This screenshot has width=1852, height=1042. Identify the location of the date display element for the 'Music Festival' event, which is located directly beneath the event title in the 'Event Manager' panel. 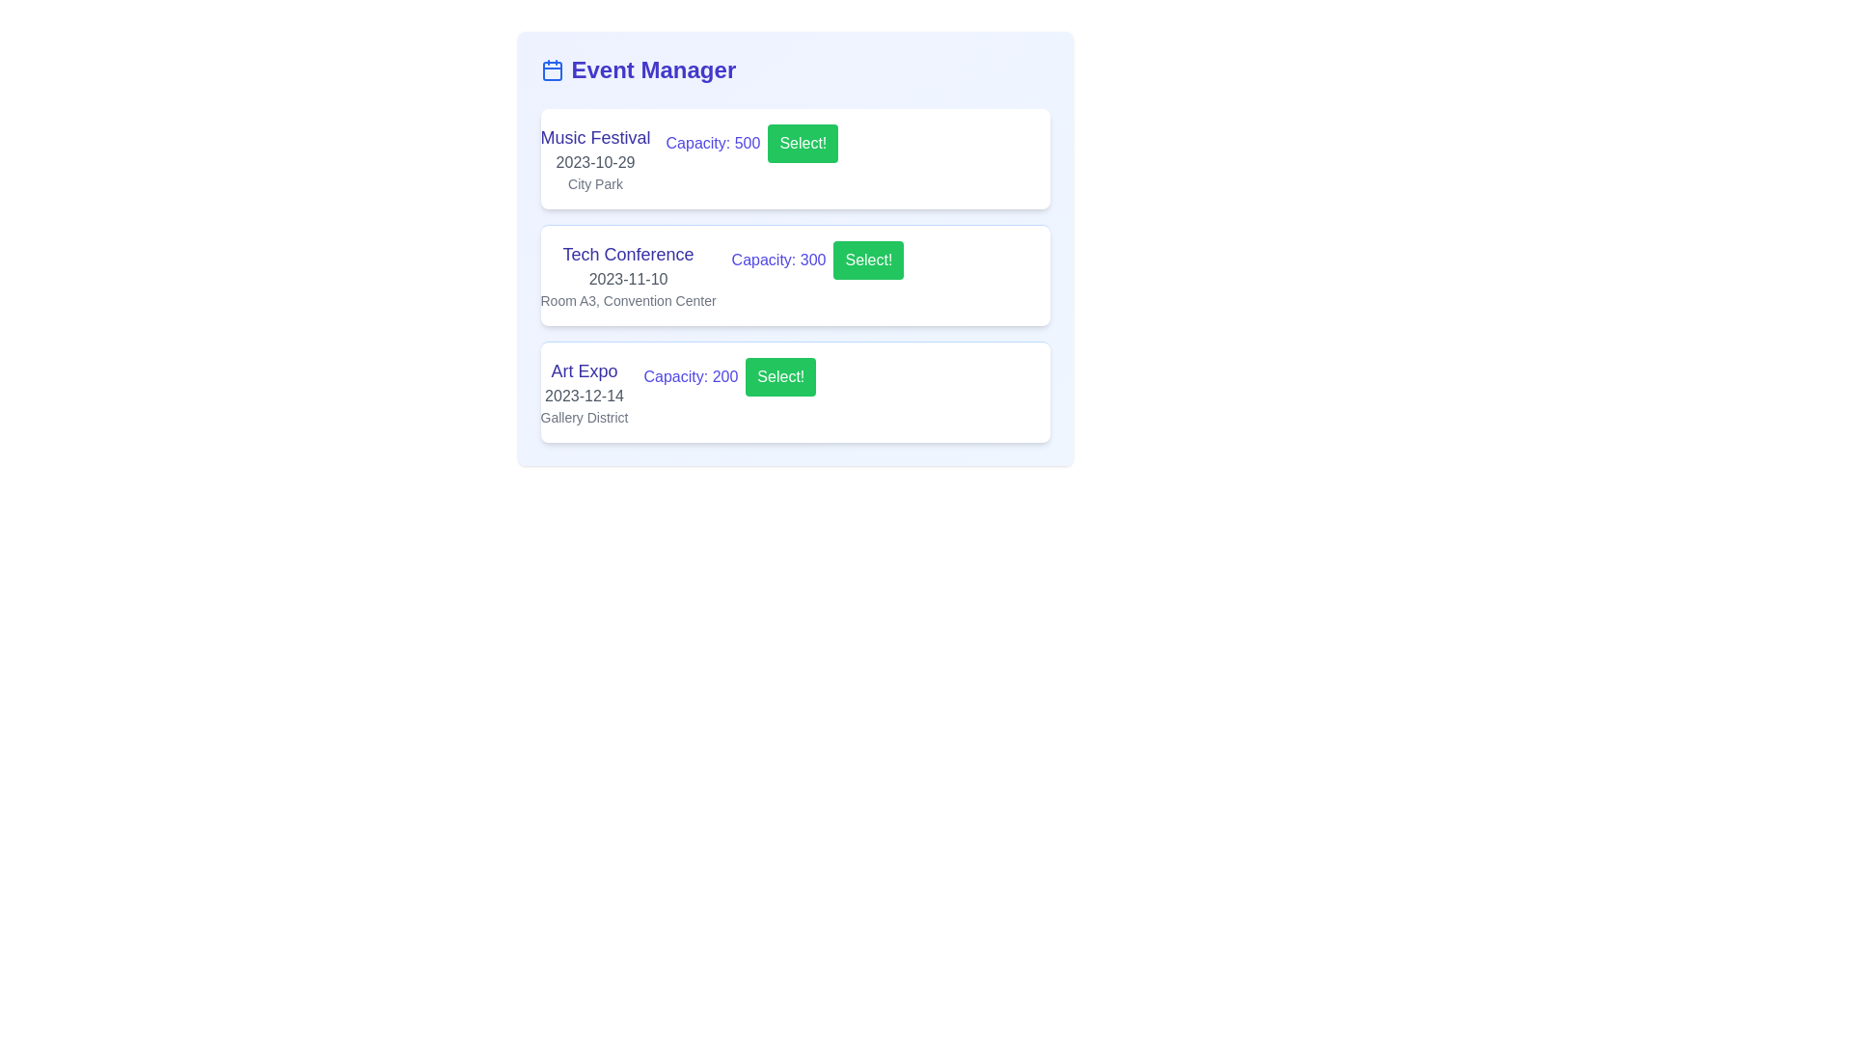
(594, 162).